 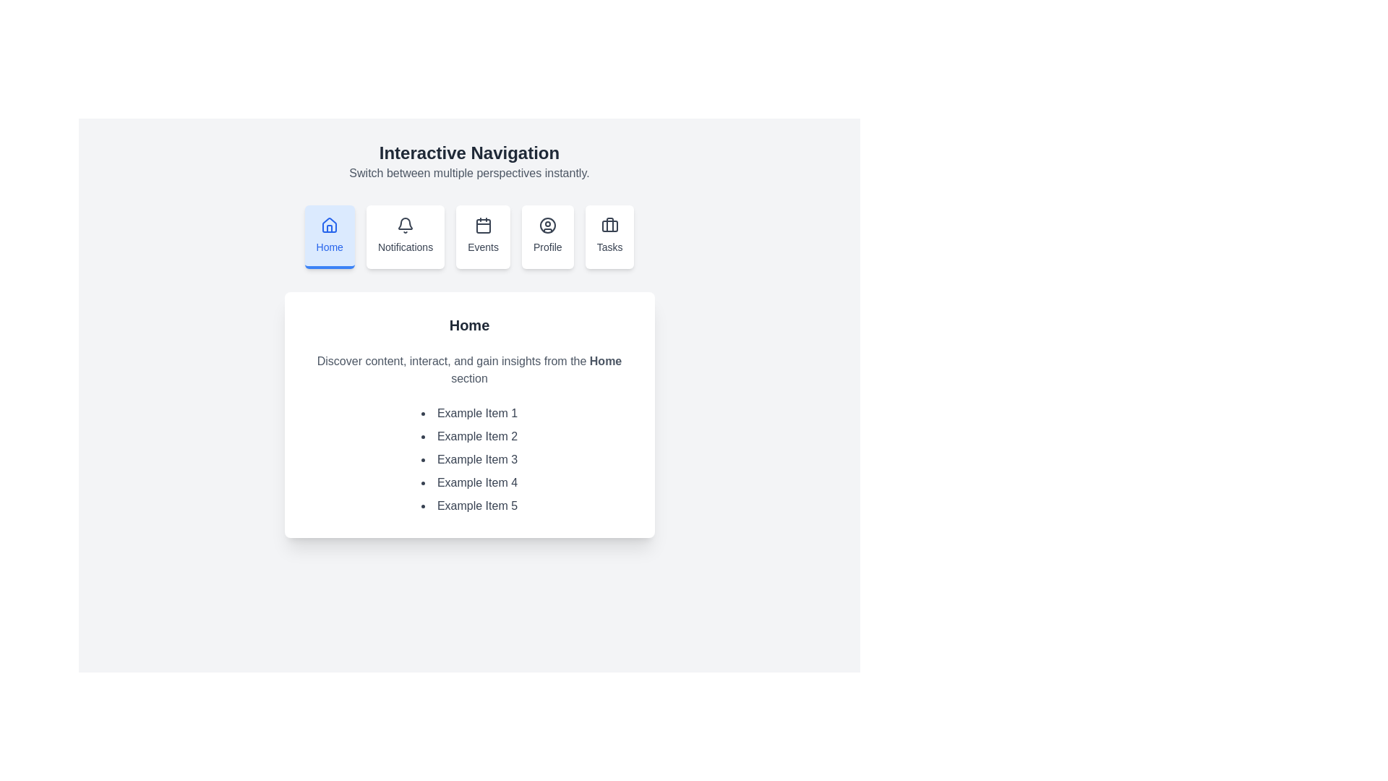 What do you see at coordinates (609, 236) in the screenshot?
I see `the 'Tasks' button, which is a rectangular card with rounded corners, featuring a suitcase icon and gray text centered below it, located in the navigation bar` at bounding box center [609, 236].